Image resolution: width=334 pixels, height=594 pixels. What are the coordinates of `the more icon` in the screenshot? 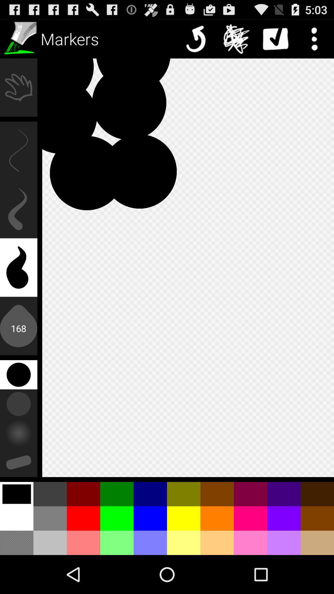 It's located at (315, 38).